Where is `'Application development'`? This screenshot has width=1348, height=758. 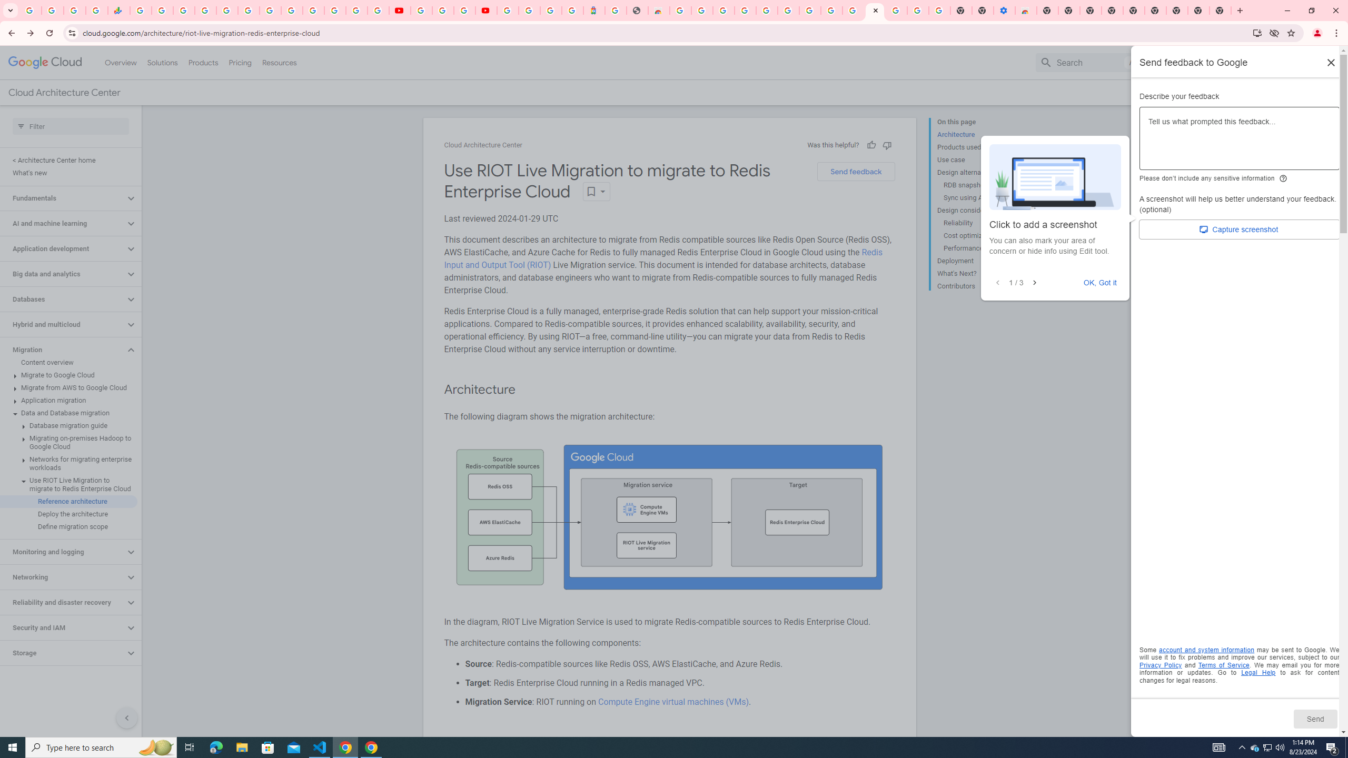 'Application development' is located at coordinates (62, 248).